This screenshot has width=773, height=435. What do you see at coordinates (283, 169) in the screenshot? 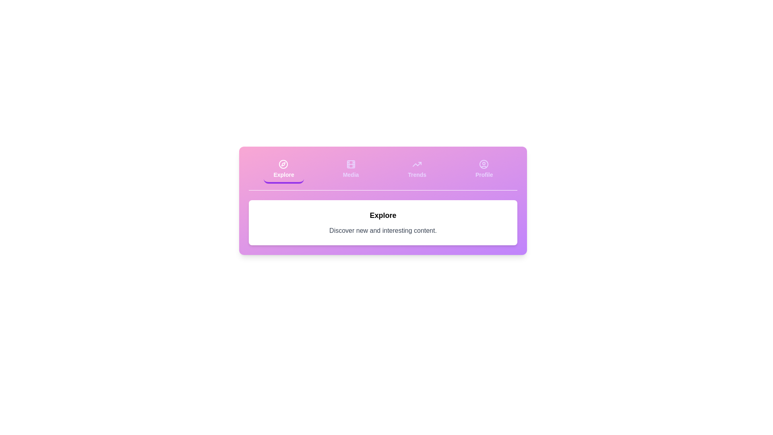
I see `the tab button labeled Explore to switch to the corresponding tab` at bounding box center [283, 169].